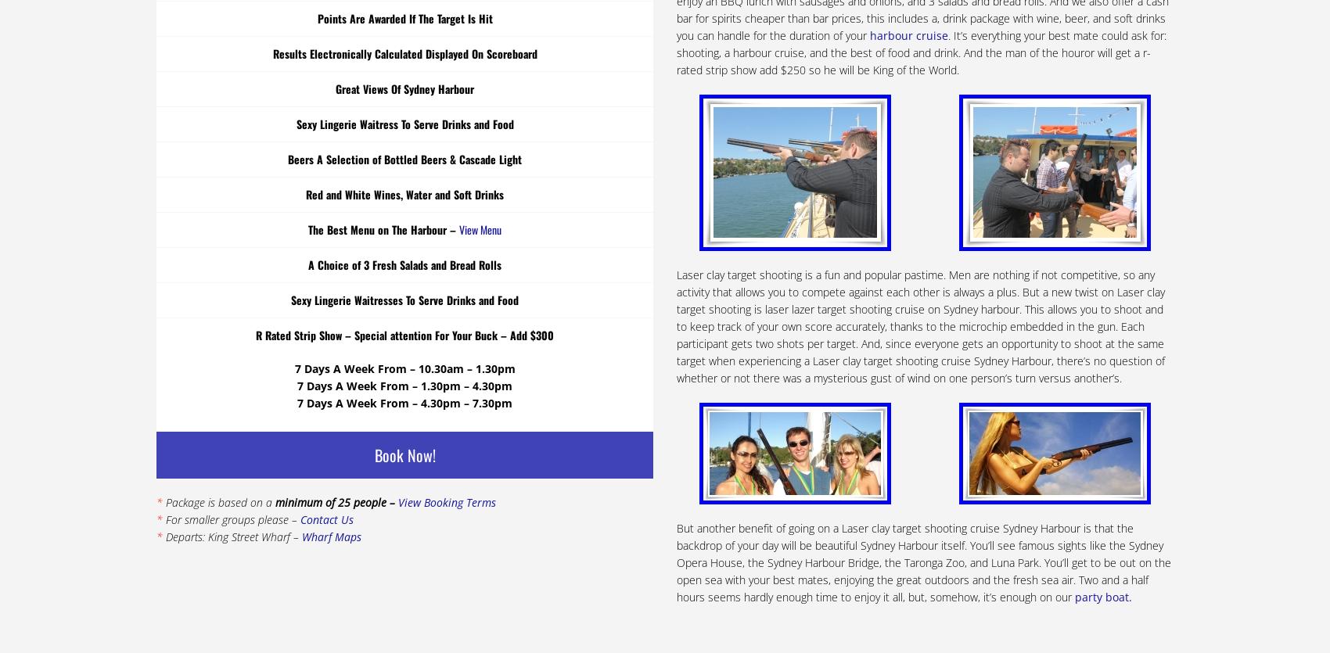 The width and height of the screenshot is (1330, 653). I want to click on '7 Days A Week From – 1.30pm – 4.30pm', so click(404, 384).